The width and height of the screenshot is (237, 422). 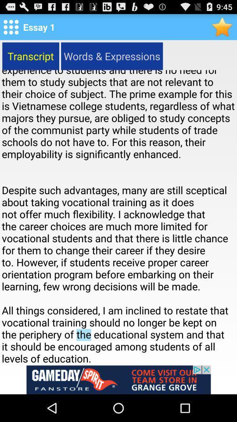 I want to click on setting, so click(x=11, y=27).